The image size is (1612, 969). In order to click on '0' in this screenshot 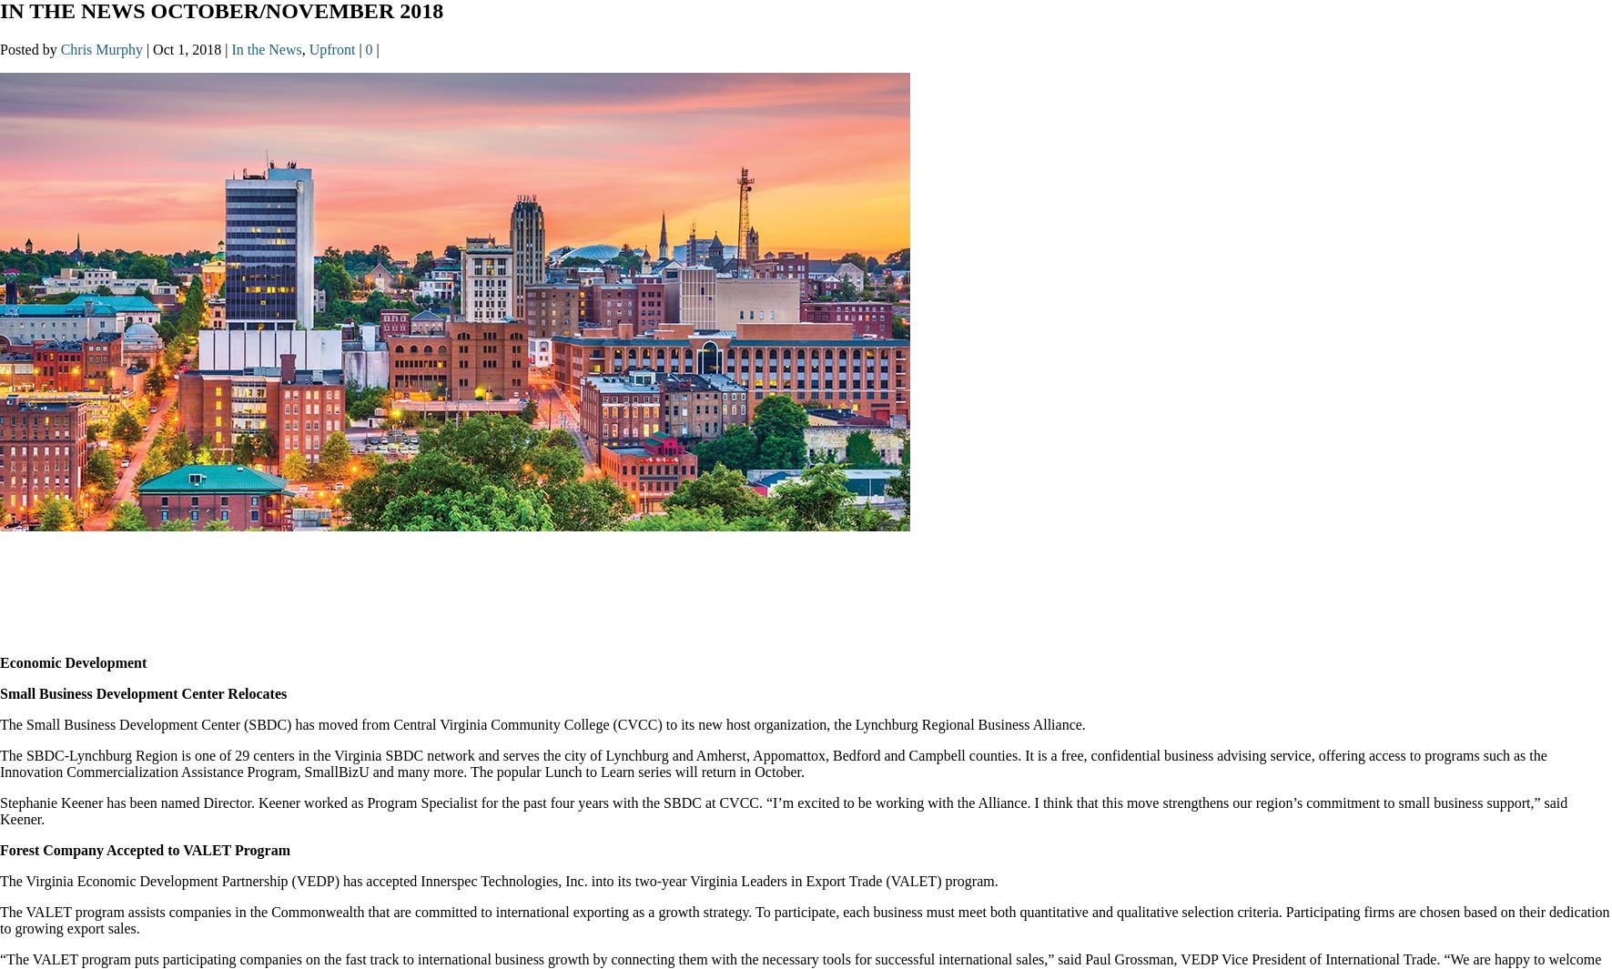, I will do `click(370, 48)`.